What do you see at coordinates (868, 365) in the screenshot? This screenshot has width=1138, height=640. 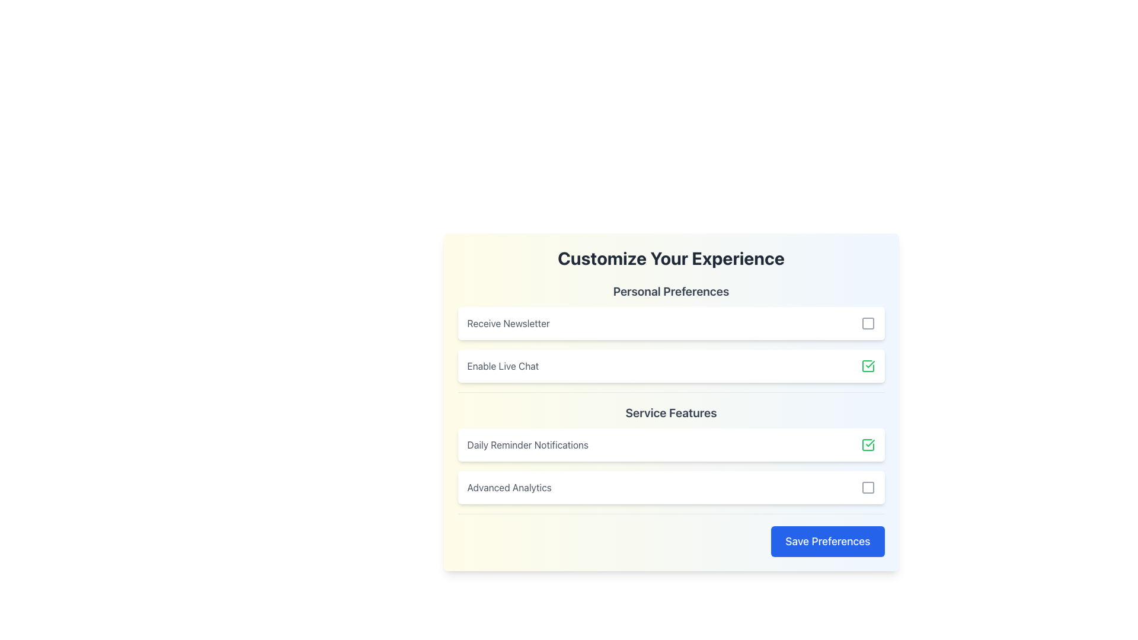 I see `the green checkmark icon in the checkbox` at bounding box center [868, 365].